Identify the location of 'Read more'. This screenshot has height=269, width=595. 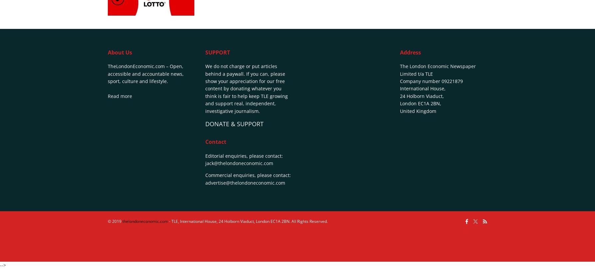
(119, 95).